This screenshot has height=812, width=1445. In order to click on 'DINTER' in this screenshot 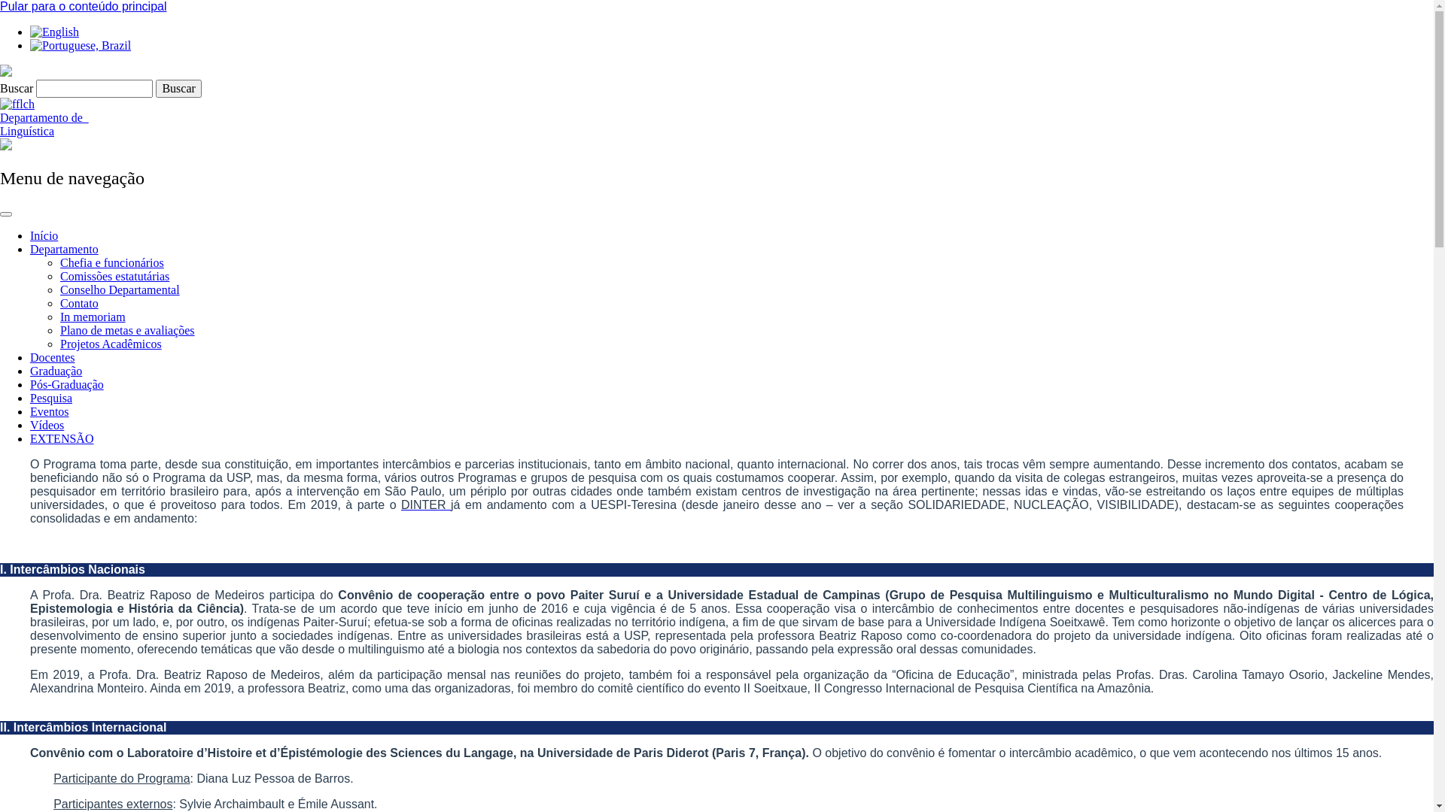, I will do `click(425, 504)`.